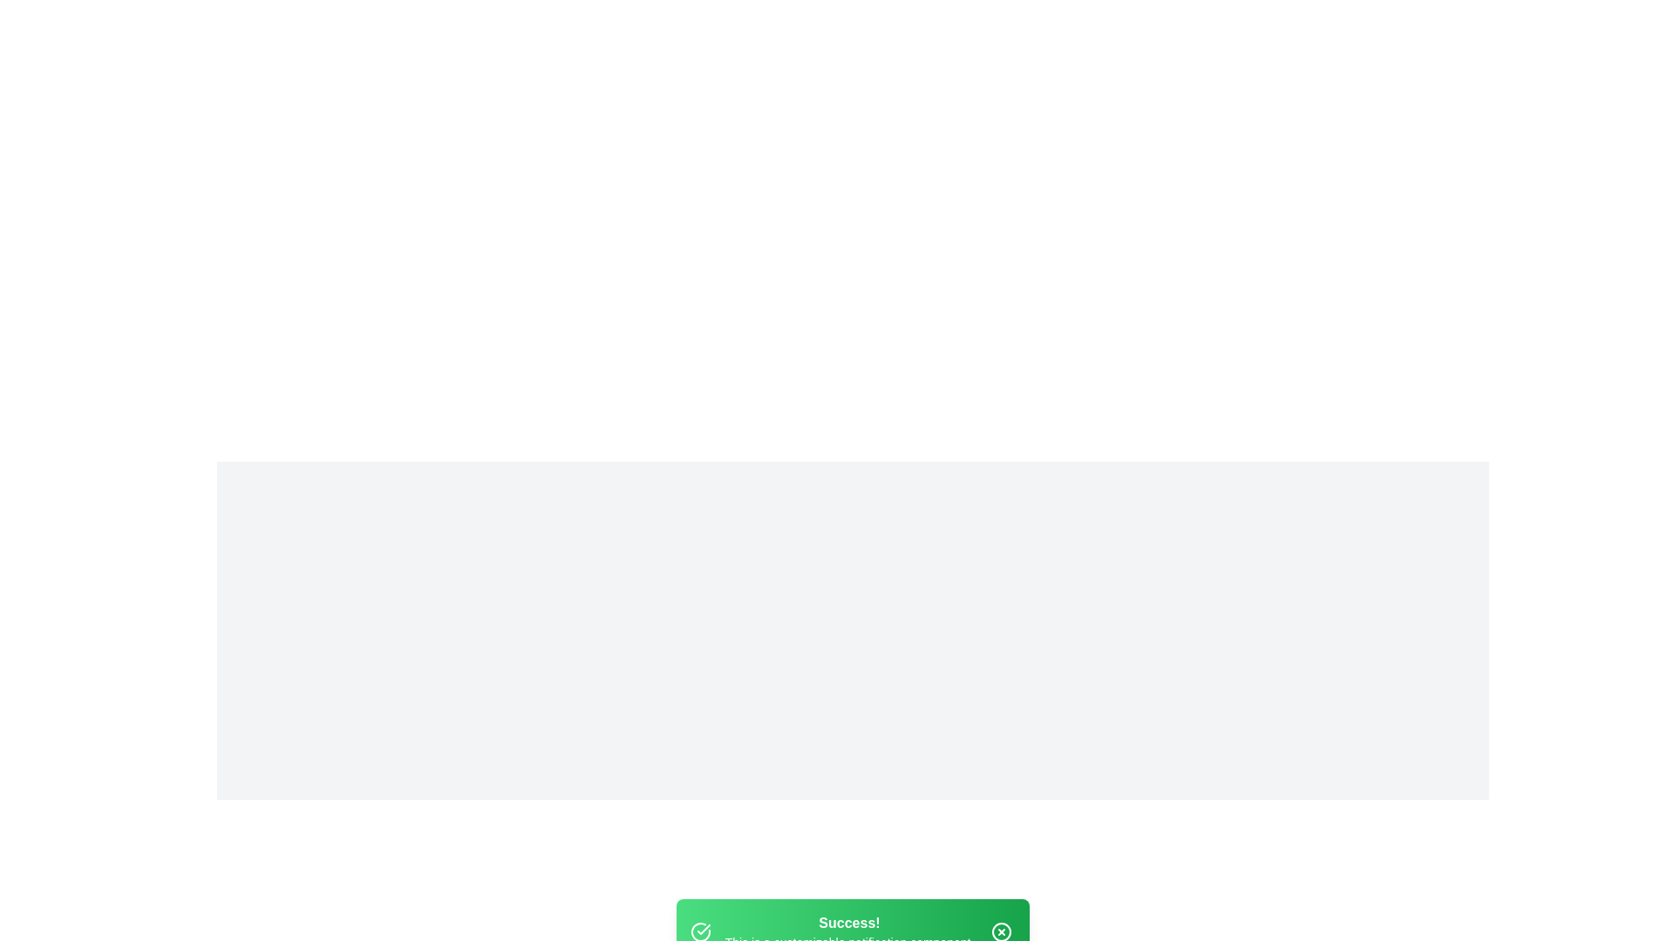 This screenshot has width=1674, height=941. What do you see at coordinates (1002, 931) in the screenshot?
I see `the close button of the snackbar notification` at bounding box center [1002, 931].